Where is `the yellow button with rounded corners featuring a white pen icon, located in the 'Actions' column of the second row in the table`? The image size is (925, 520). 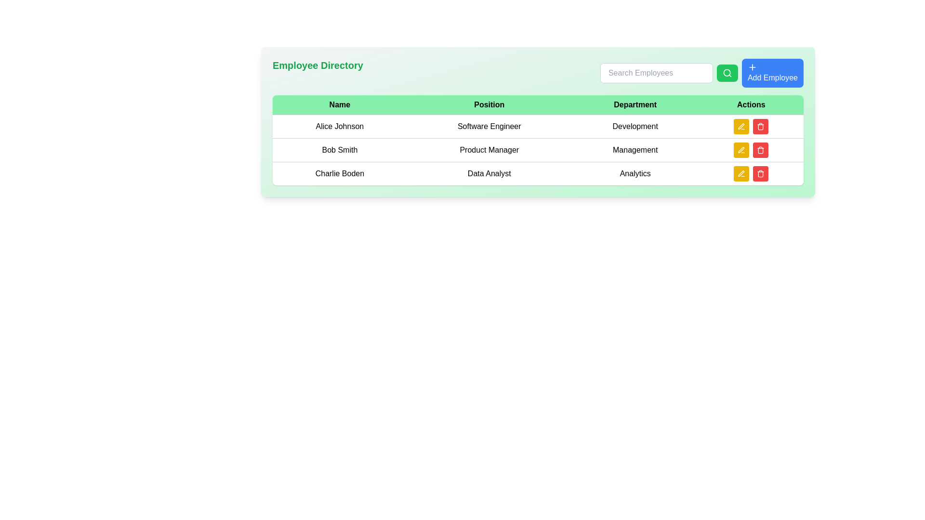
the yellow button with rounded corners featuring a white pen icon, located in the 'Actions' column of the second row in the table is located at coordinates (741, 150).